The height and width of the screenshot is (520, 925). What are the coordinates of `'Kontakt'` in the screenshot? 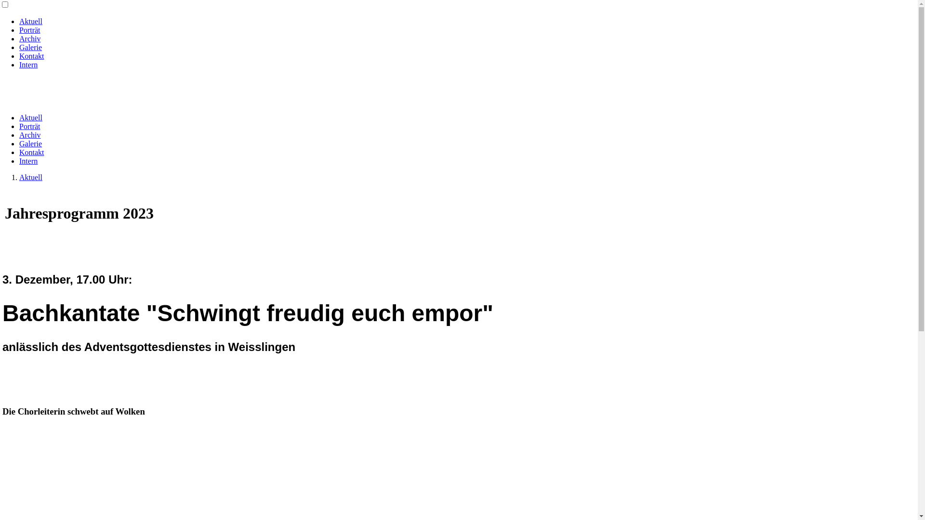 It's located at (32, 56).